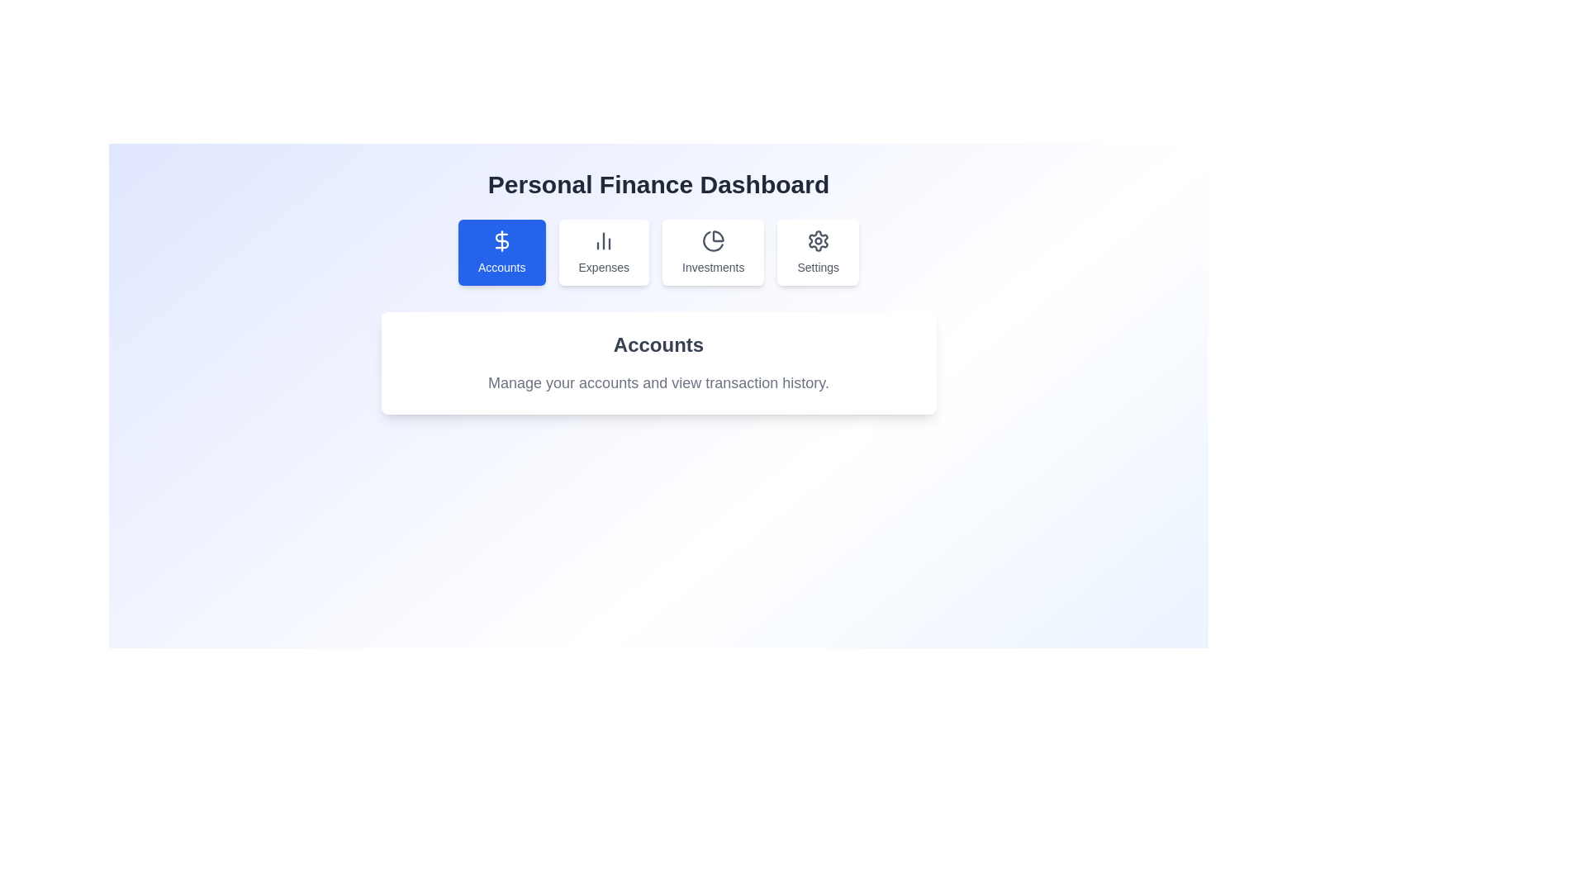 This screenshot has width=1586, height=892. I want to click on the 'Investments' text label that indicates the category section of the dashboard, located below the pie chart icon in the third card of a horizontal row, so click(713, 267).